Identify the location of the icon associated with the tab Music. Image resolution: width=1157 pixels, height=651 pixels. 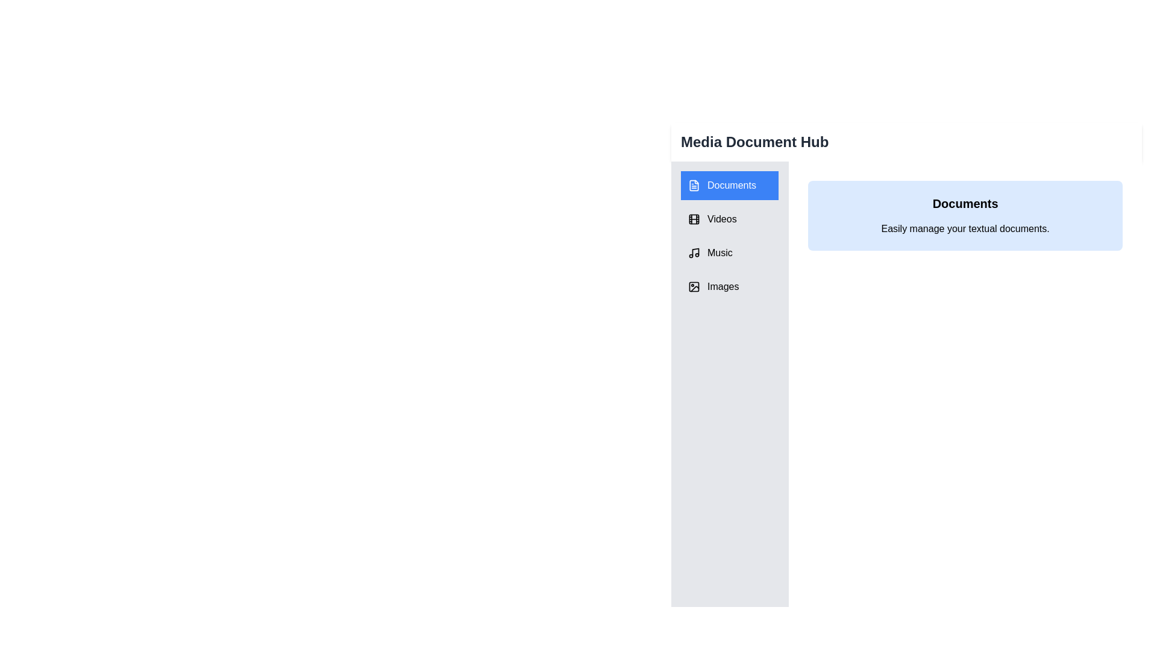
(694, 253).